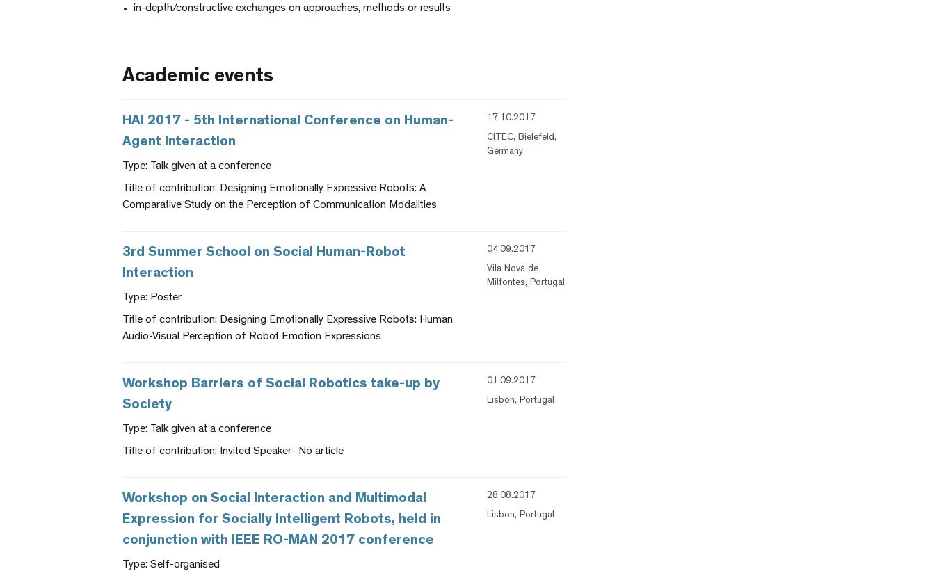 This screenshot has height=571, width=939. What do you see at coordinates (291, 8) in the screenshot?
I see `'in-depth/constructive exchanges on approaches, methods or results'` at bounding box center [291, 8].